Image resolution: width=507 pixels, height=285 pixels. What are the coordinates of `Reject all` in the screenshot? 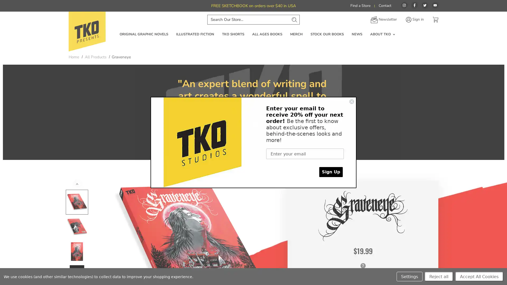 It's located at (439, 276).